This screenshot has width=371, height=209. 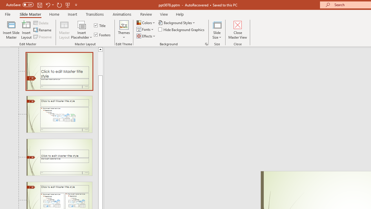 What do you see at coordinates (64, 30) in the screenshot?
I see `'Master Layout...'` at bounding box center [64, 30].